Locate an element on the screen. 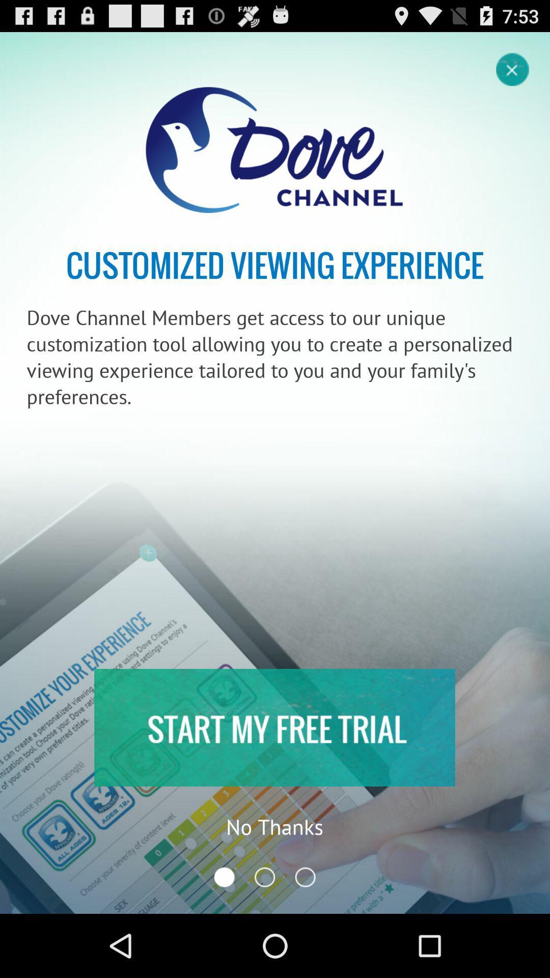 The width and height of the screenshot is (550, 978). button is located at coordinates (513, 68).